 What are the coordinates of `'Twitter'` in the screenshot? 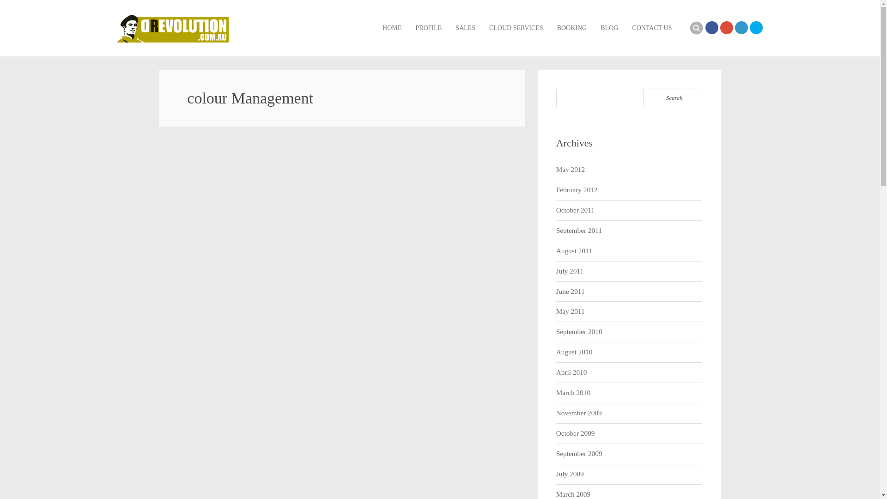 It's located at (756, 27).